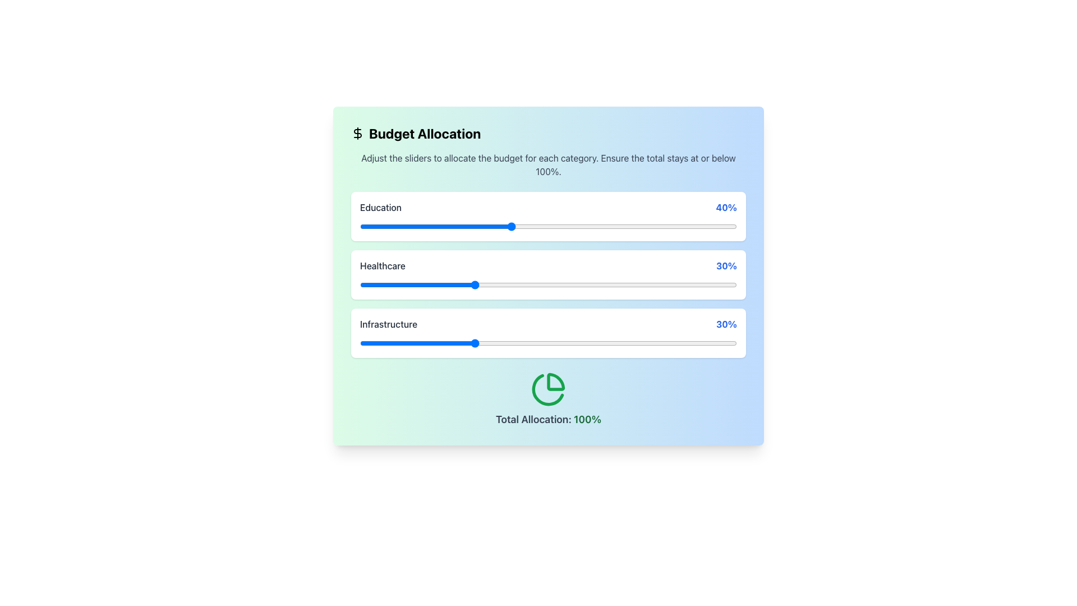  What do you see at coordinates (601, 227) in the screenshot?
I see `the budget allocation for Education` at bounding box center [601, 227].